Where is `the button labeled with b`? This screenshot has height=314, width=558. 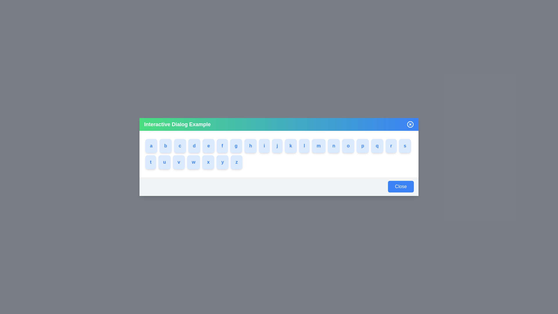
the button labeled with b is located at coordinates (165, 145).